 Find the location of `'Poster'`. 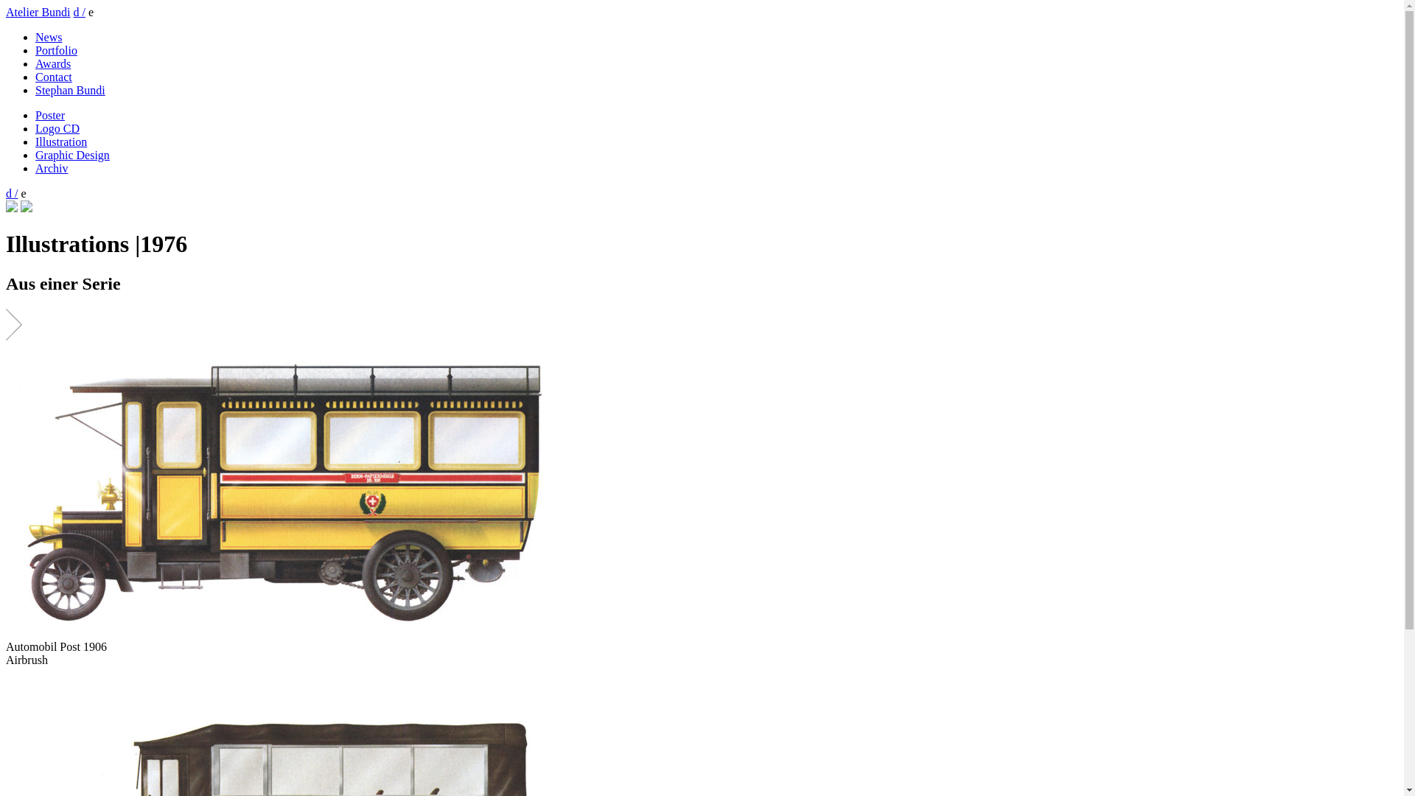

'Poster' is located at coordinates (49, 114).